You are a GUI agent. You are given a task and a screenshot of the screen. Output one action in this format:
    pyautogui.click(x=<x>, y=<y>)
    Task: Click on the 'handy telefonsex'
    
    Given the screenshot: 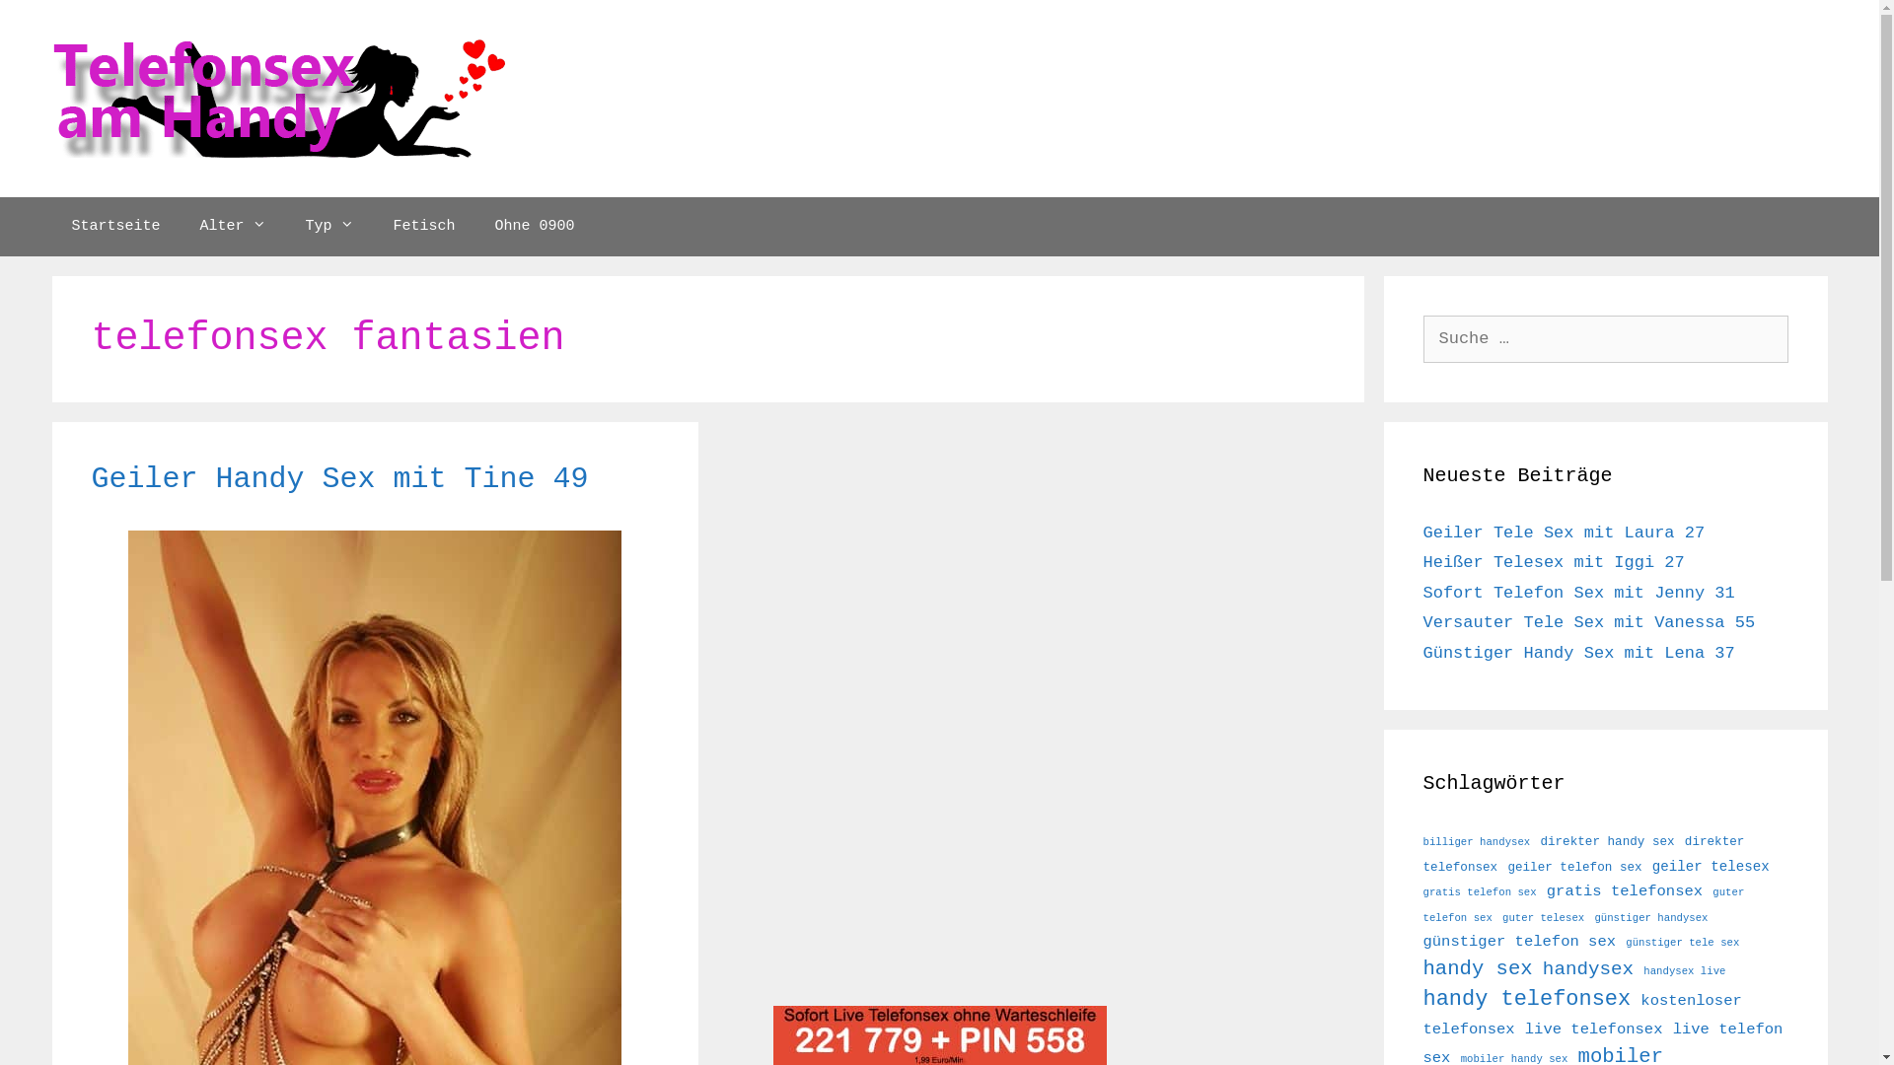 What is the action you would take?
    pyautogui.click(x=1525, y=999)
    